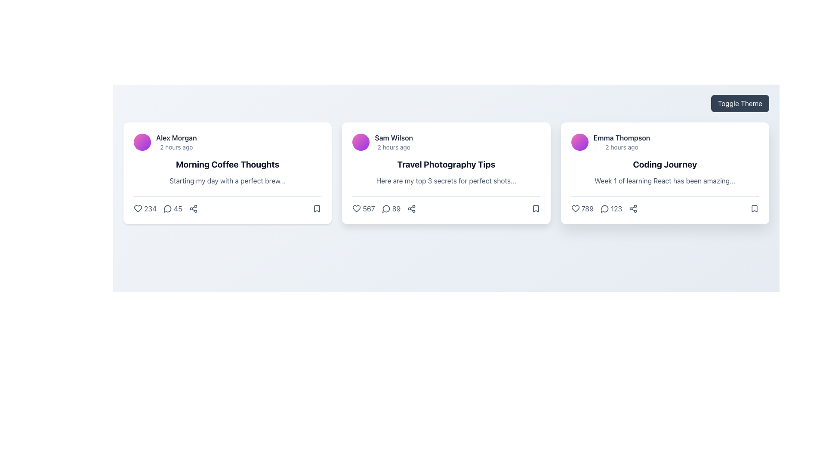 The width and height of the screenshot is (826, 464). What do you see at coordinates (604, 209) in the screenshot?
I see `the comment icon` at bounding box center [604, 209].